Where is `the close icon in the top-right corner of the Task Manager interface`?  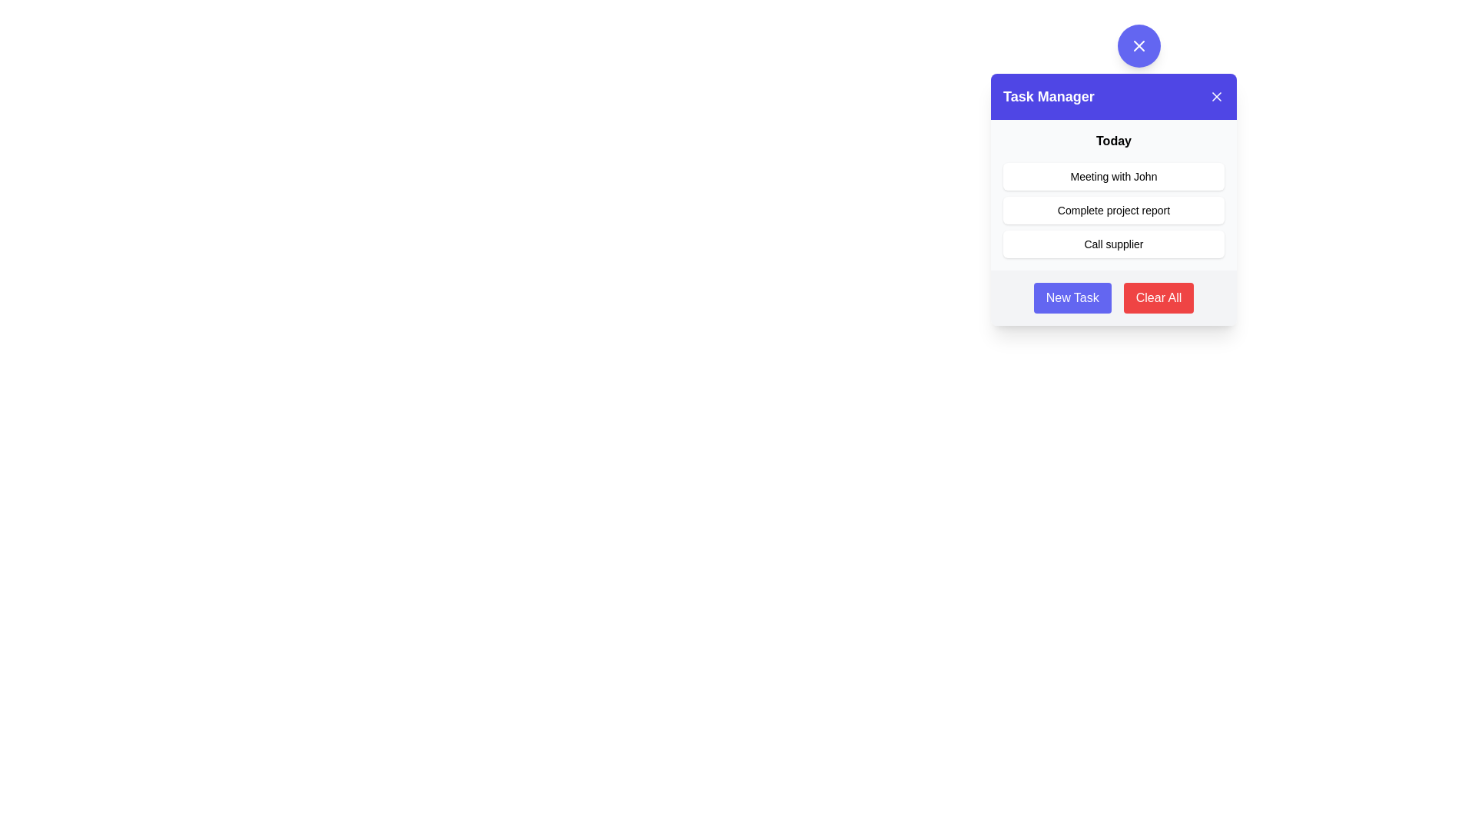 the close icon in the top-right corner of the Task Manager interface is located at coordinates (1139, 45).